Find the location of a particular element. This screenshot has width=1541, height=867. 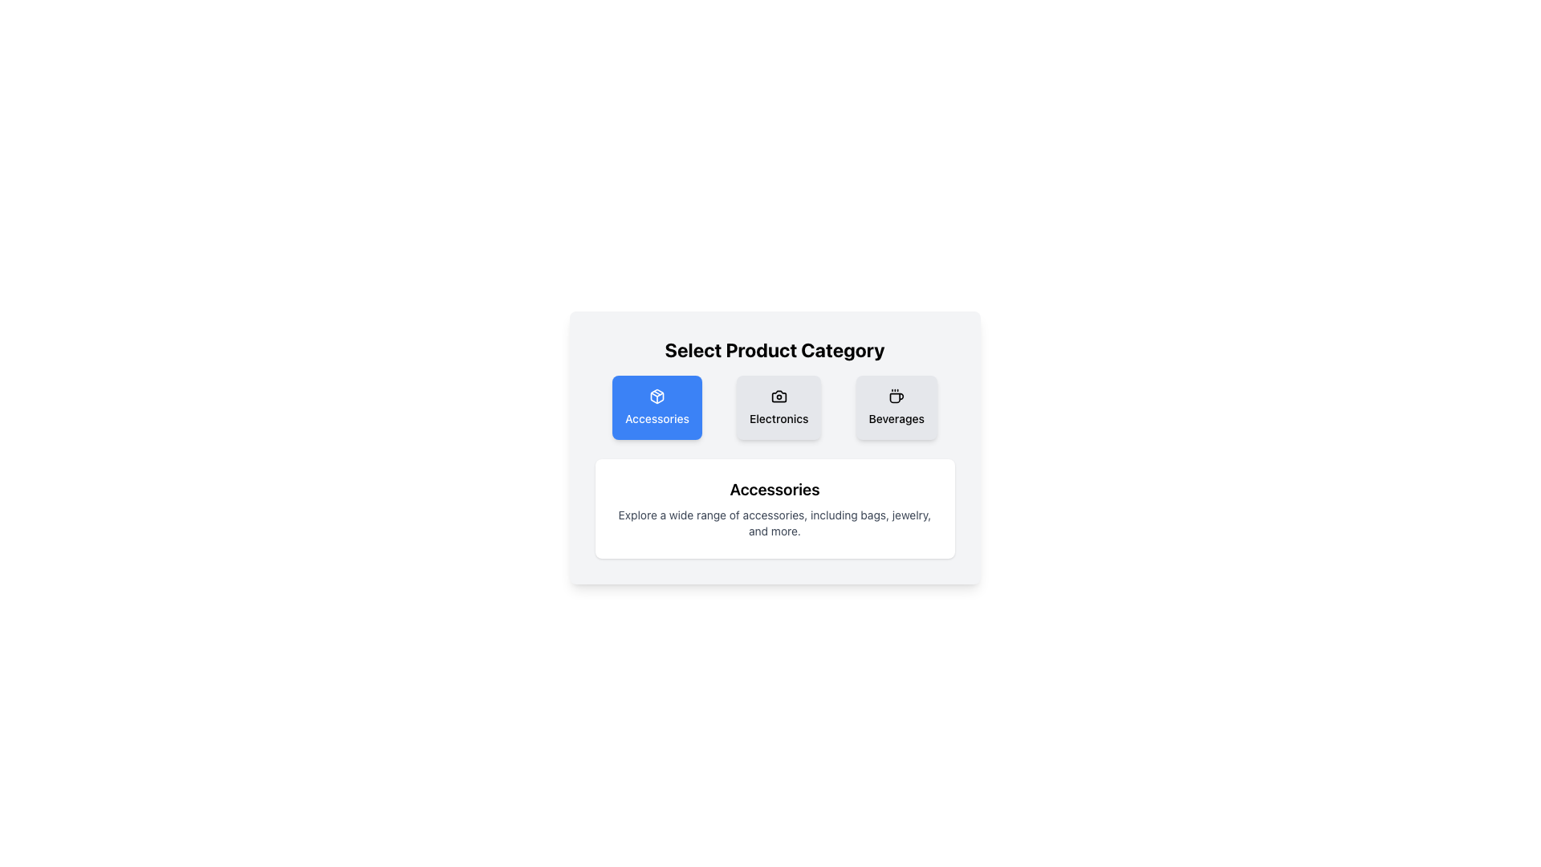

the middle card labeled 'Electronics' which has a light gray background, rounded corners, and a camera icon at the top is located at coordinates (779, 407).